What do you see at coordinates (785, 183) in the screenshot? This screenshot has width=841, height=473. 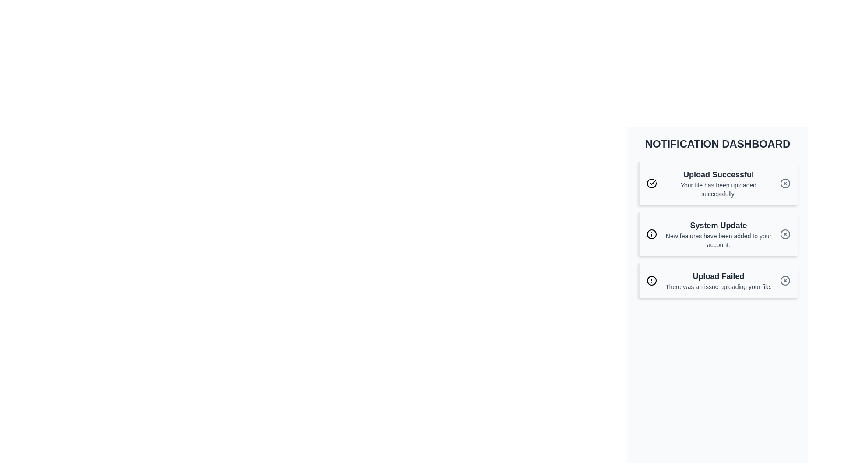 I see `the circular icon element located within the 'Upload Successful' notification` at bounding box center [785, 183].